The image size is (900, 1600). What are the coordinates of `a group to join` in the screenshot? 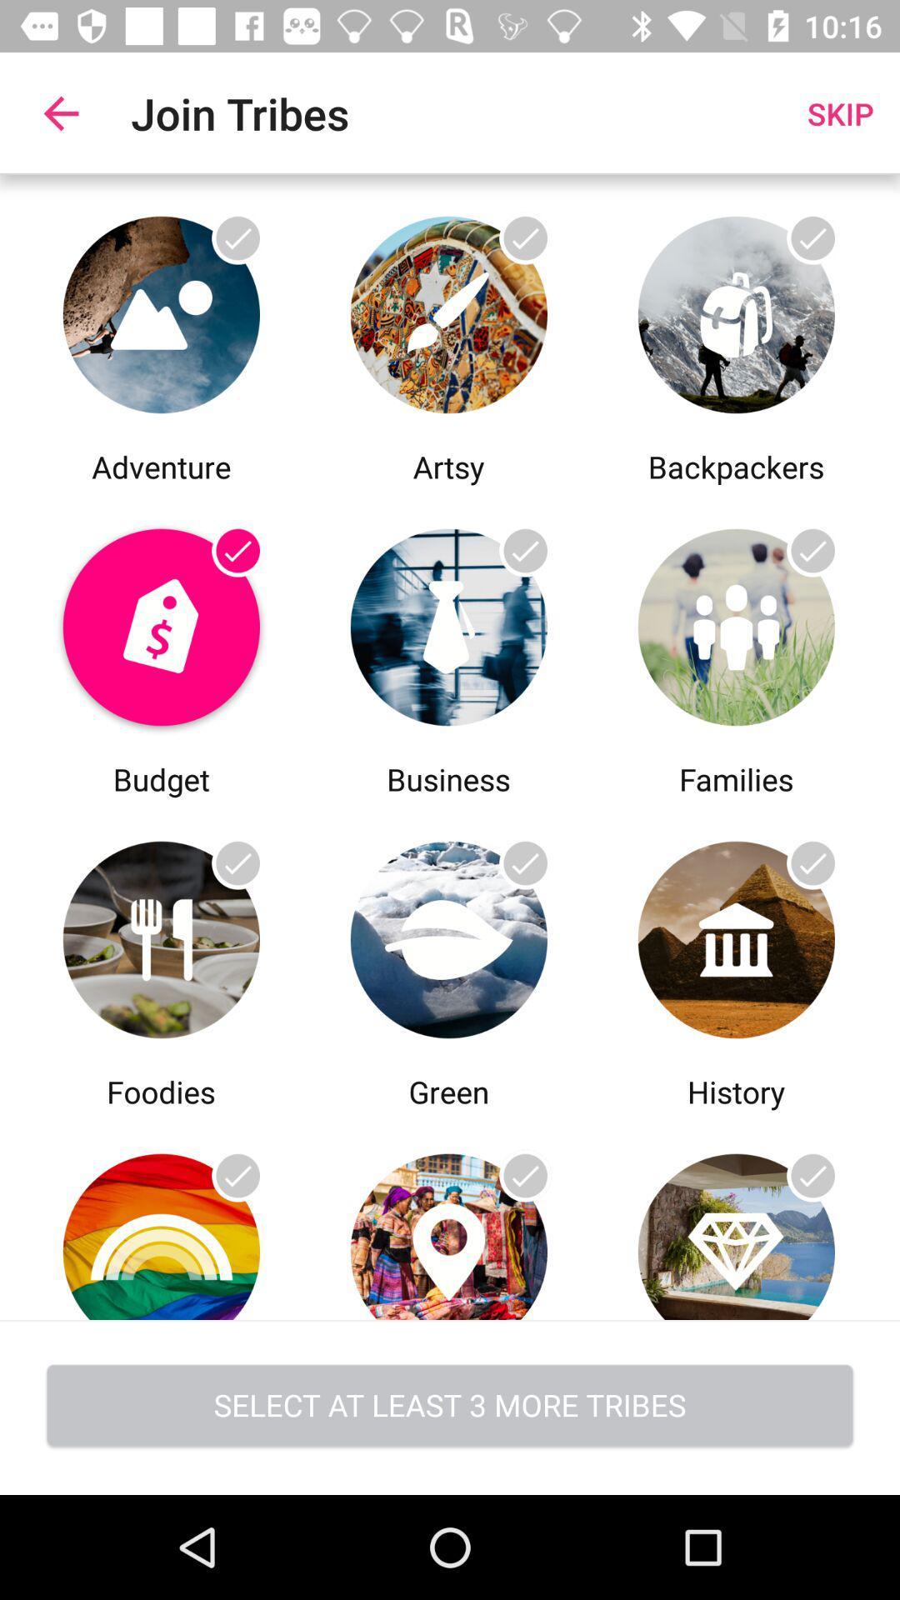 It's located at (447, 935).